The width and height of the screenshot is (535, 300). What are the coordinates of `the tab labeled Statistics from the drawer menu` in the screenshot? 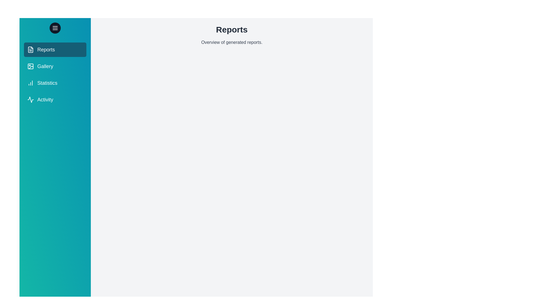 It's located at (55, 83).